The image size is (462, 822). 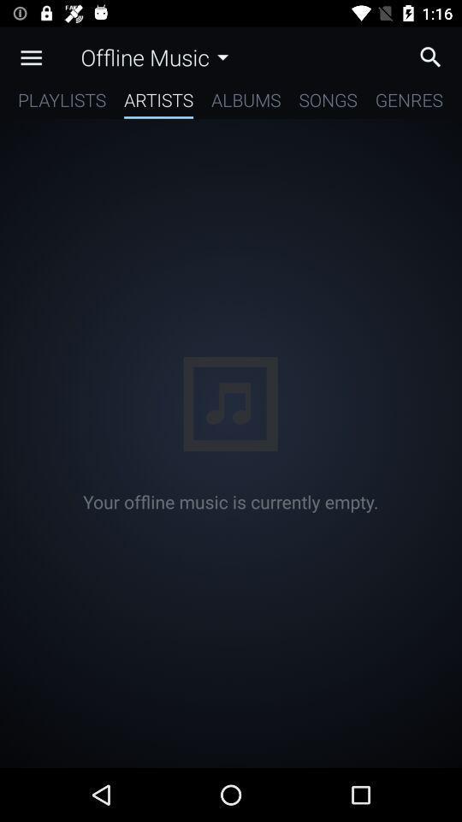 I want to click on the playlists icon, so click(x=61, y=103).